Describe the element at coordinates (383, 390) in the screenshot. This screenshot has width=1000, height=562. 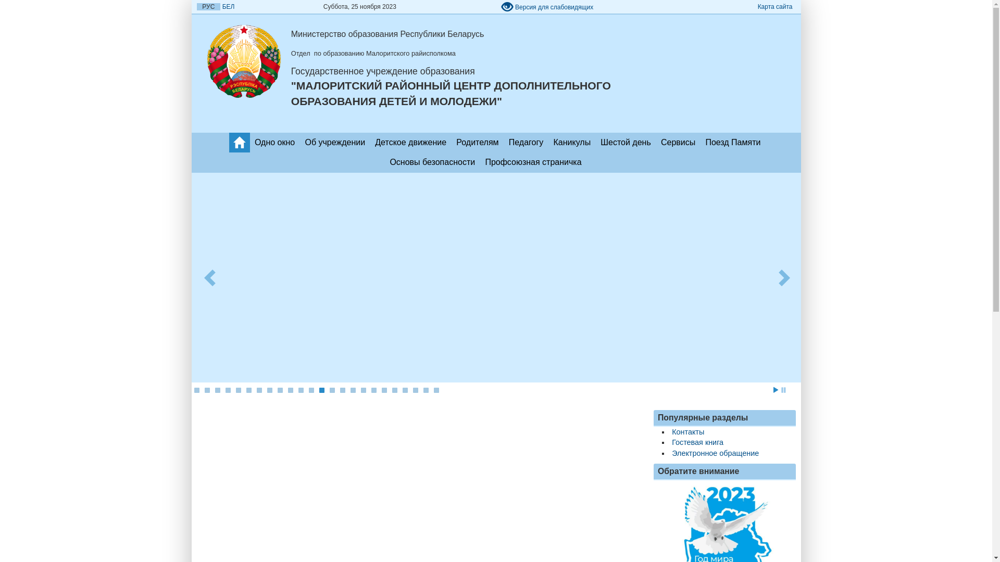
I see `'19'` at that location.